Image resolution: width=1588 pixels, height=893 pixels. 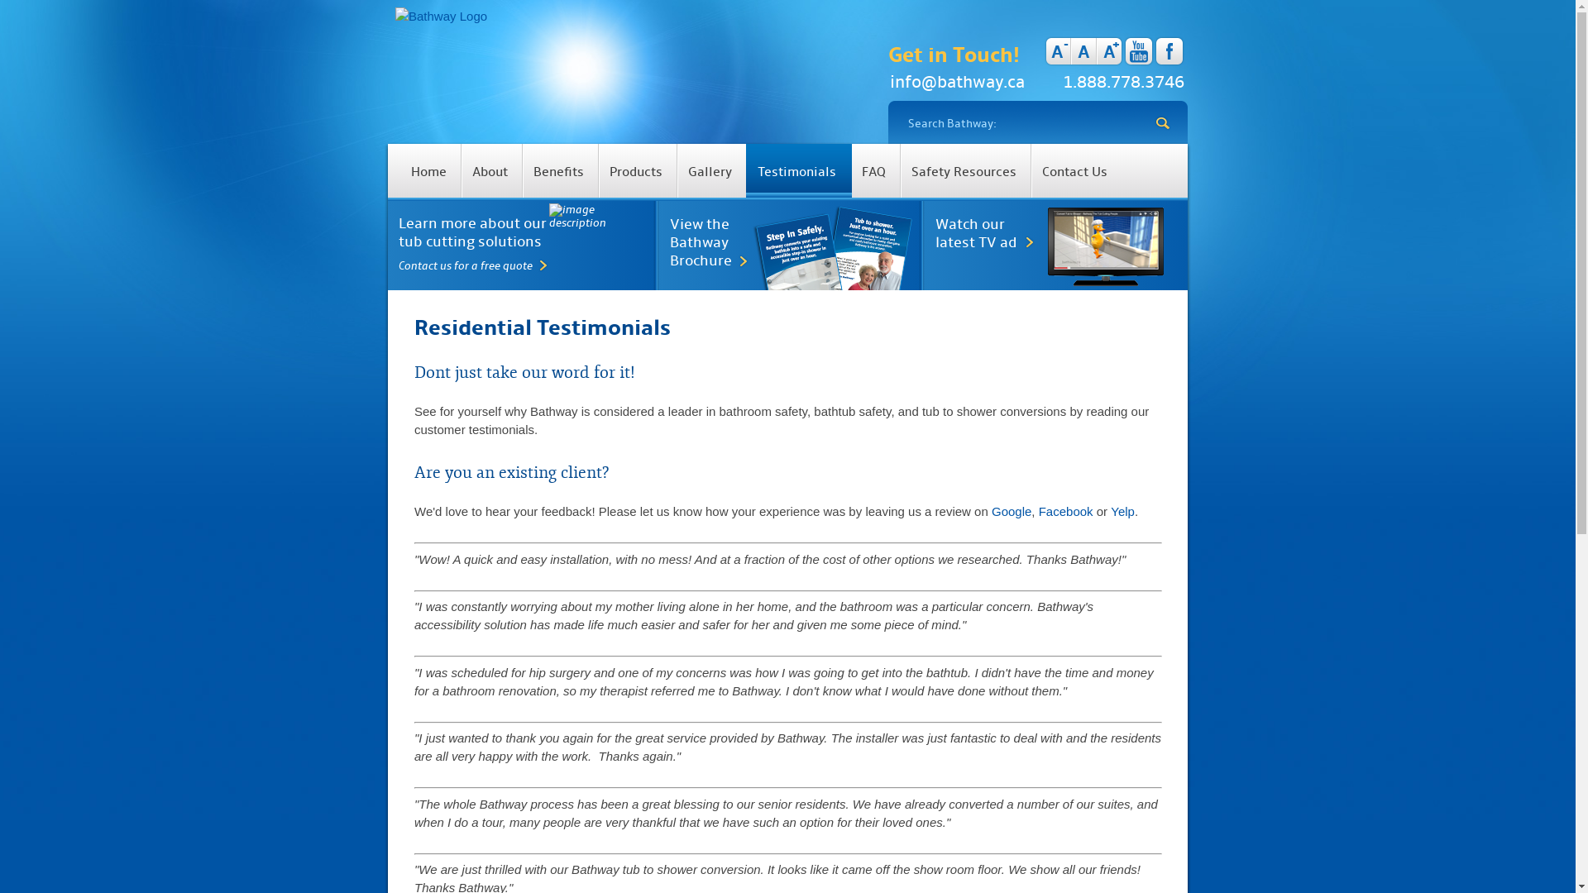 What do you see at coordinates (1097, 50) in the screenshot?
I see `'A` at bounding box center [1097, 50].